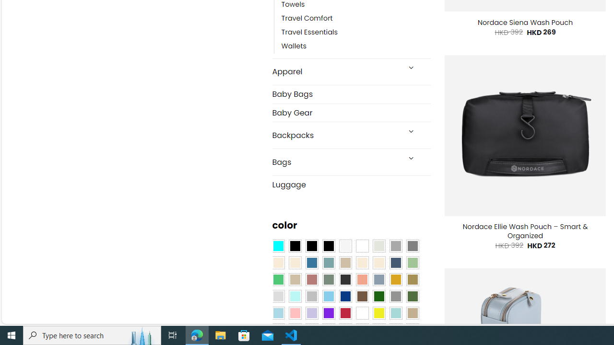  Describe the element at coordinates (277, 296) in the screenshot. I see `'Light Gray'` at that location.